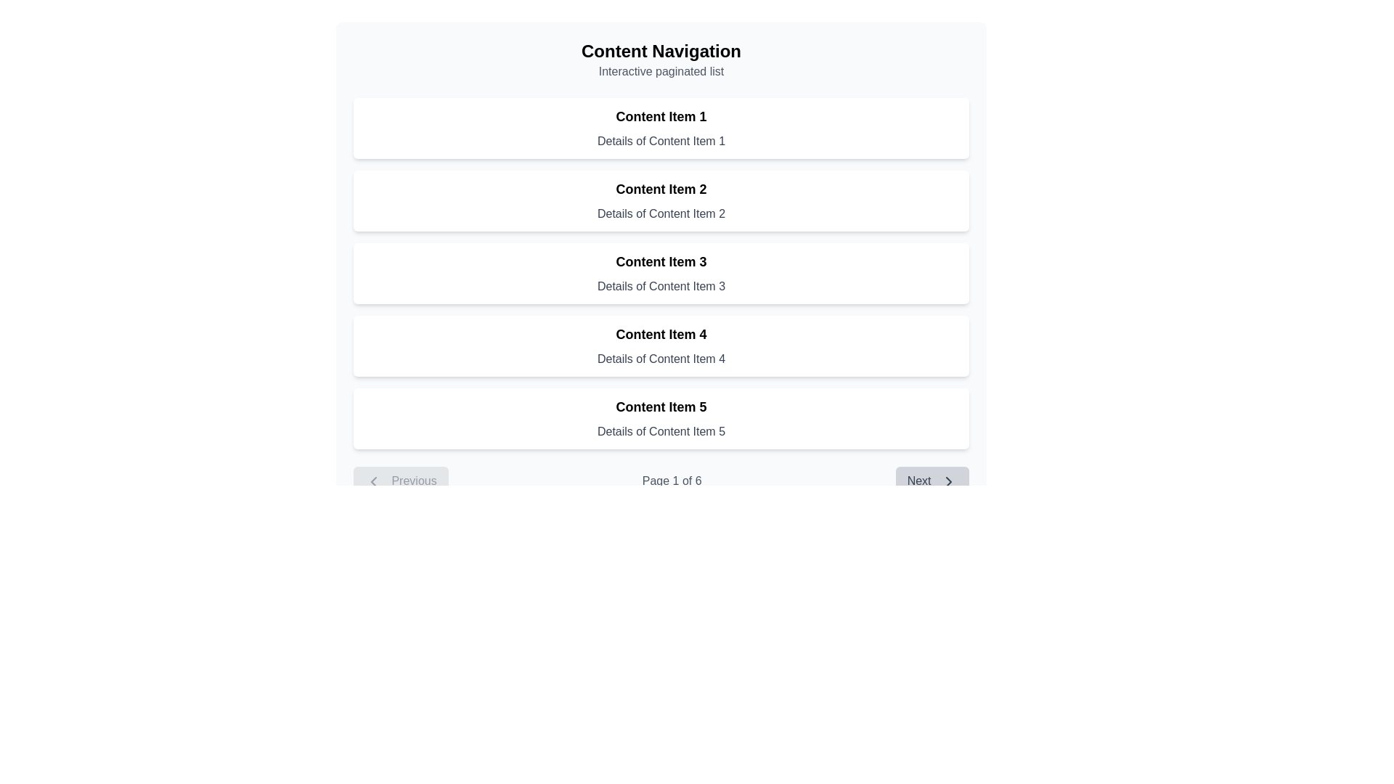 Image resolution: width=1394 pixels, height=784 pixels. Describe the element at coordinates (932, 481) in the screenshot. I see `the 'Next' button located at the rightmost side of the navigation bar` at that location.